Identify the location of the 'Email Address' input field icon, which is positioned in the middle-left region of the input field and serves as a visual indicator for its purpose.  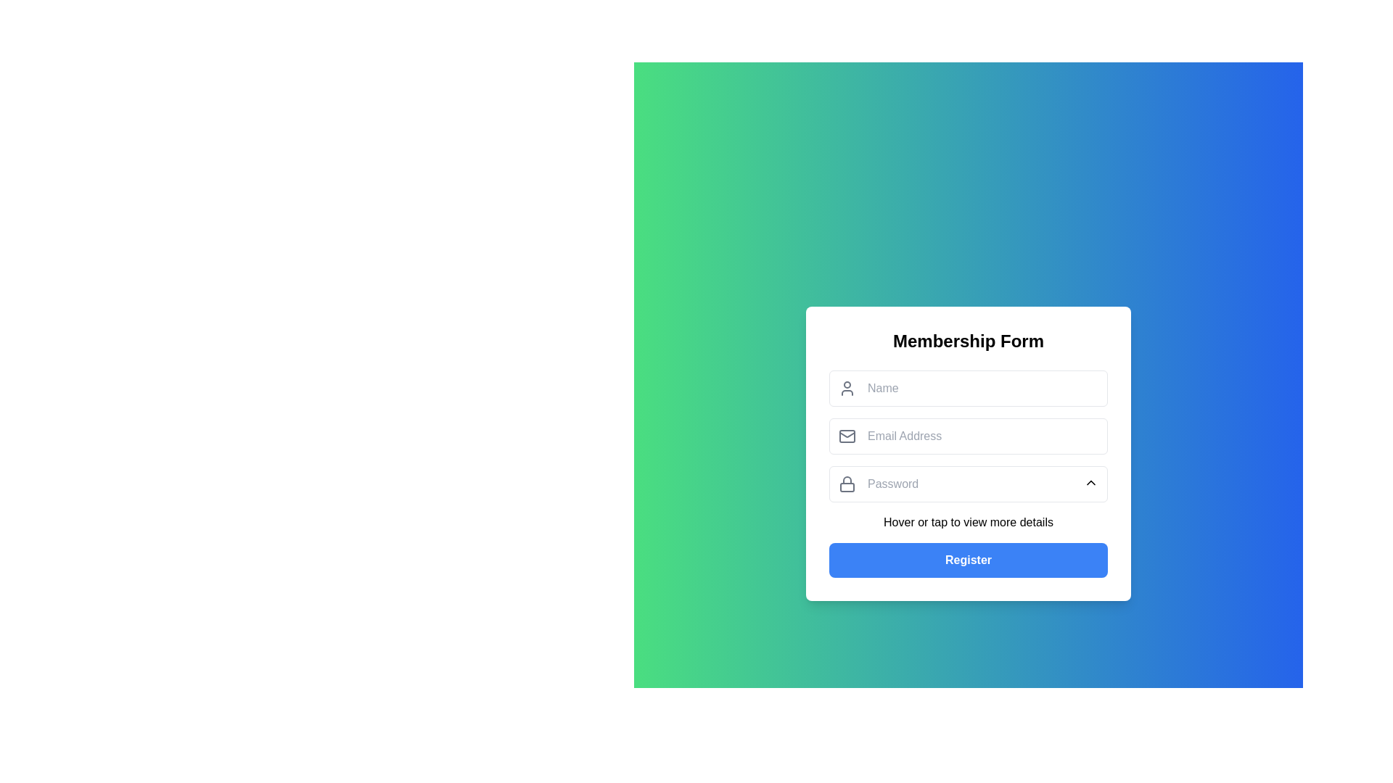
(847, 435).